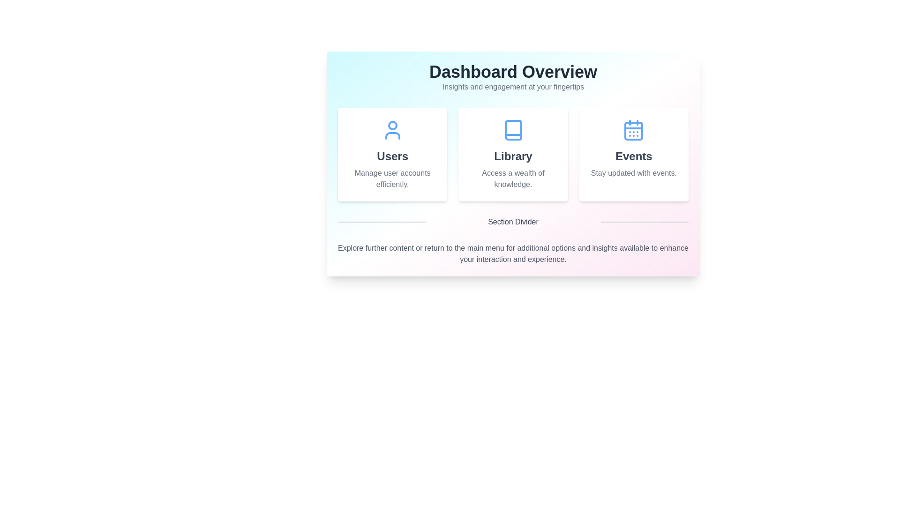  I want to click on the horizontal Separator line that is light gray and positioned to the left within the section, serving as a decorative divider, so click(382, 222).